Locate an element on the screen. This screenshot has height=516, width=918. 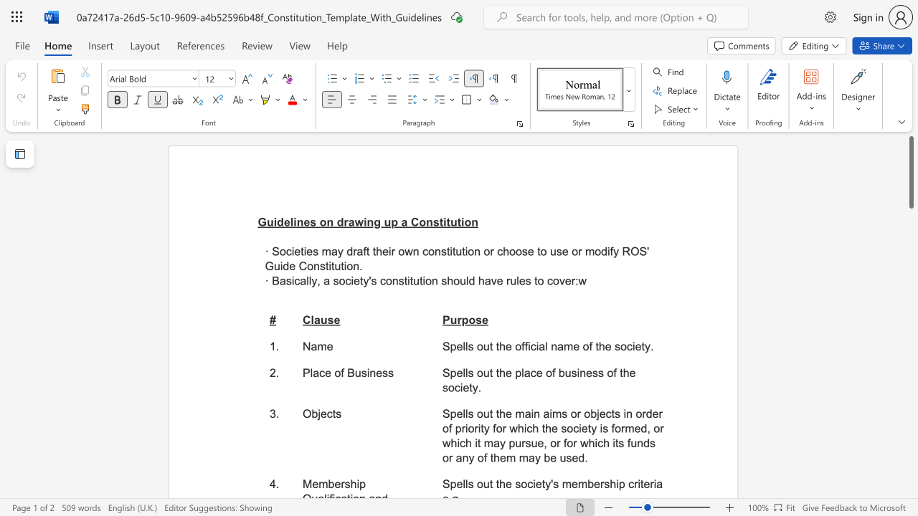
the scrollbar to move the view down is located at coordinates (910, 451).